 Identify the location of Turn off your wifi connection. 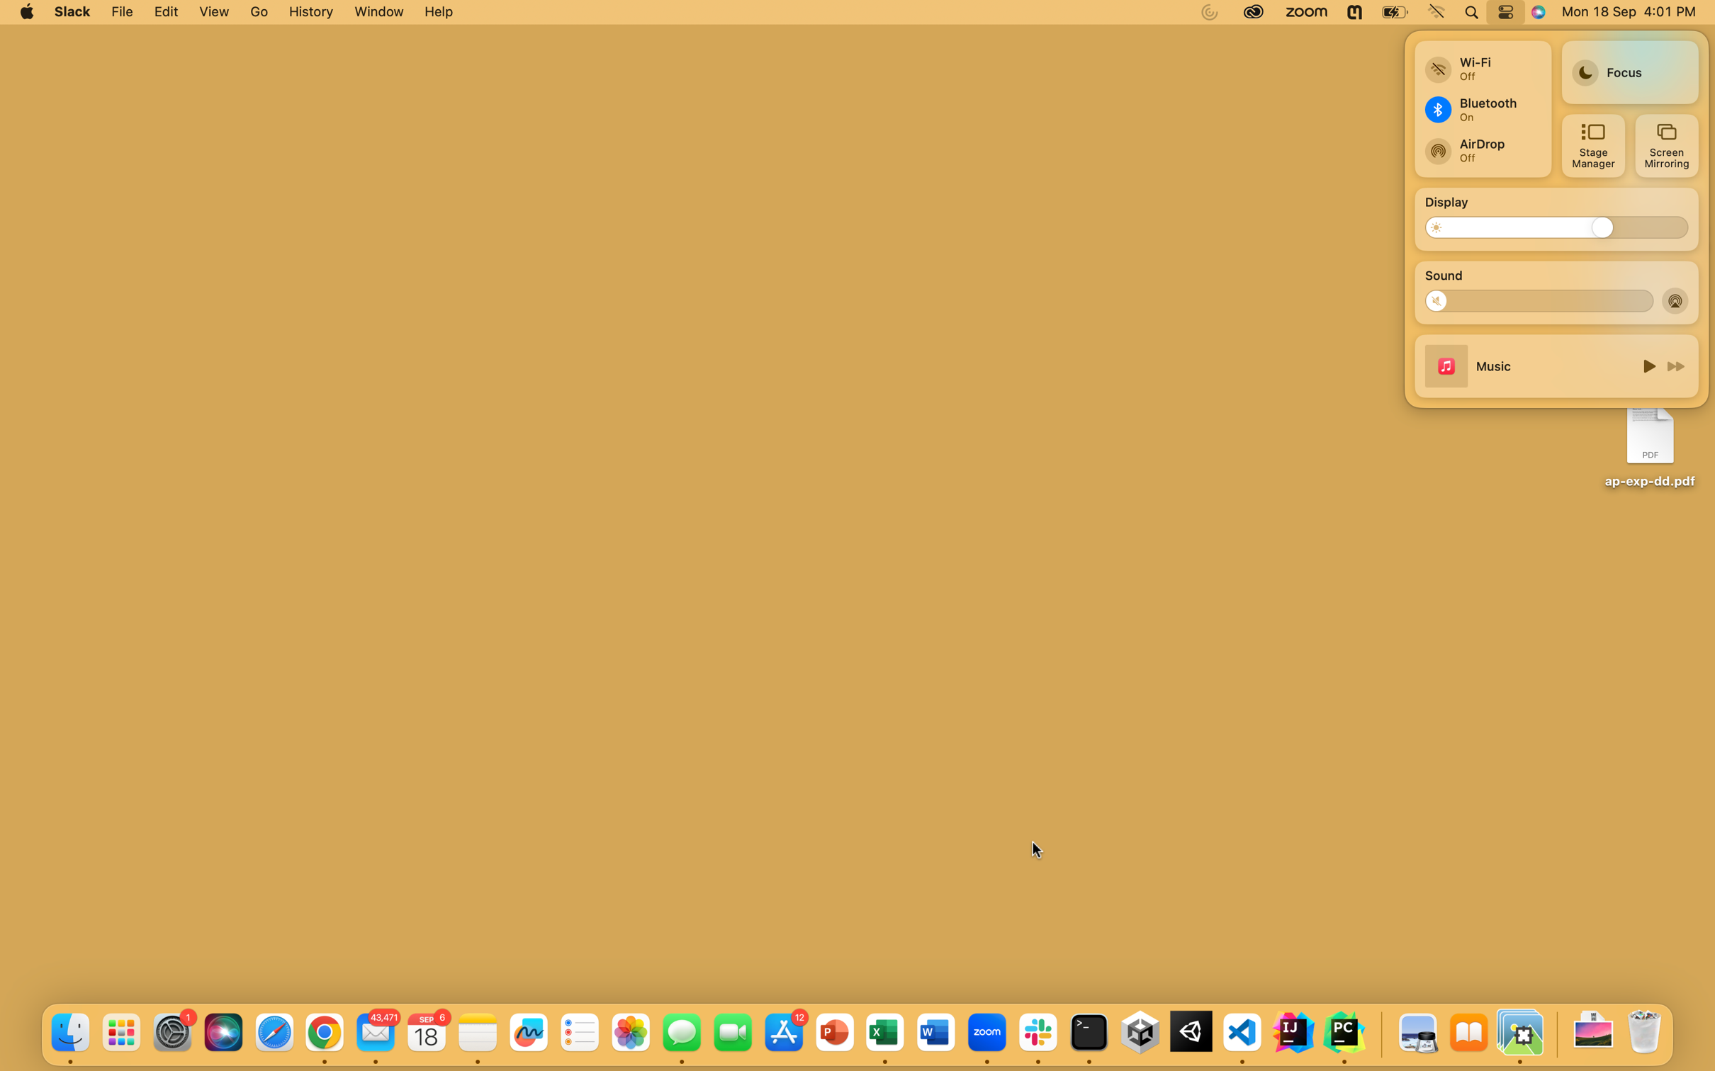
(1481, 63).